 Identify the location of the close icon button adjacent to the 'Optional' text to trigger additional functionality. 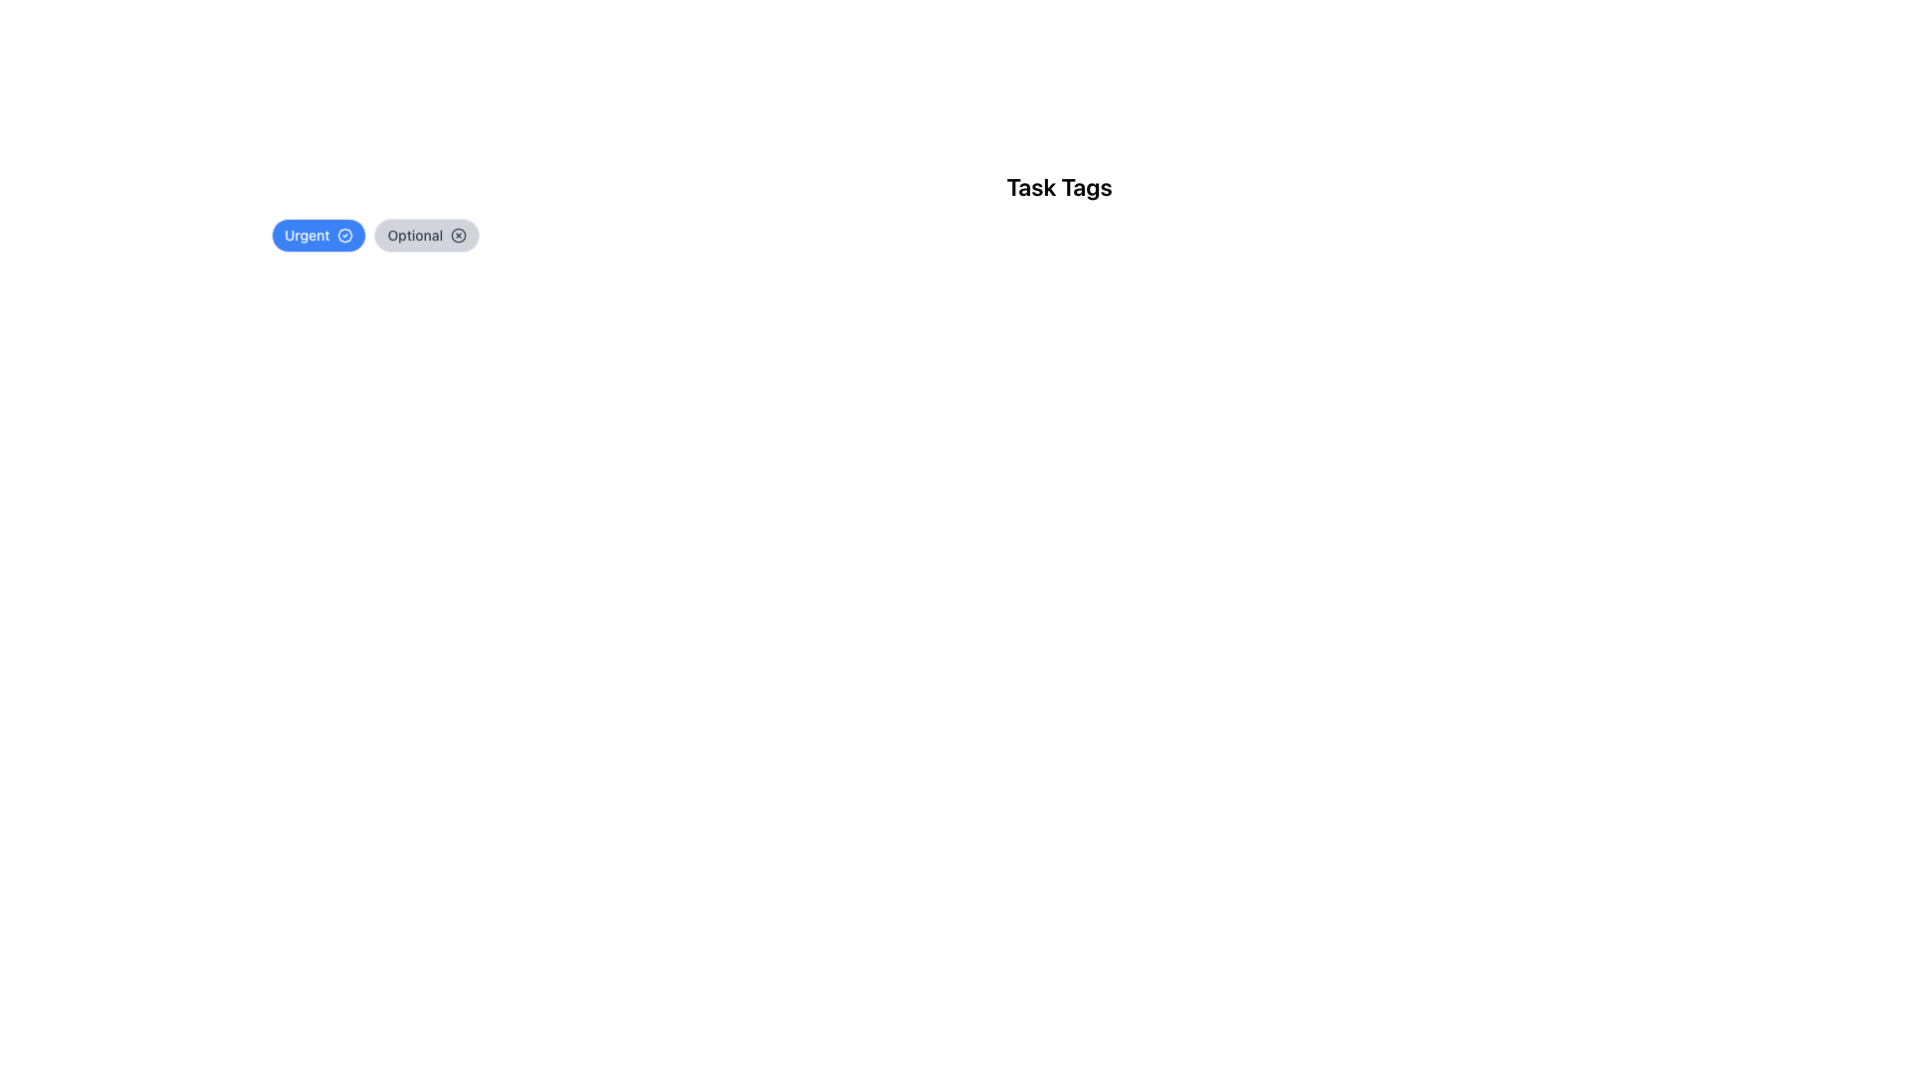
(457, 234).